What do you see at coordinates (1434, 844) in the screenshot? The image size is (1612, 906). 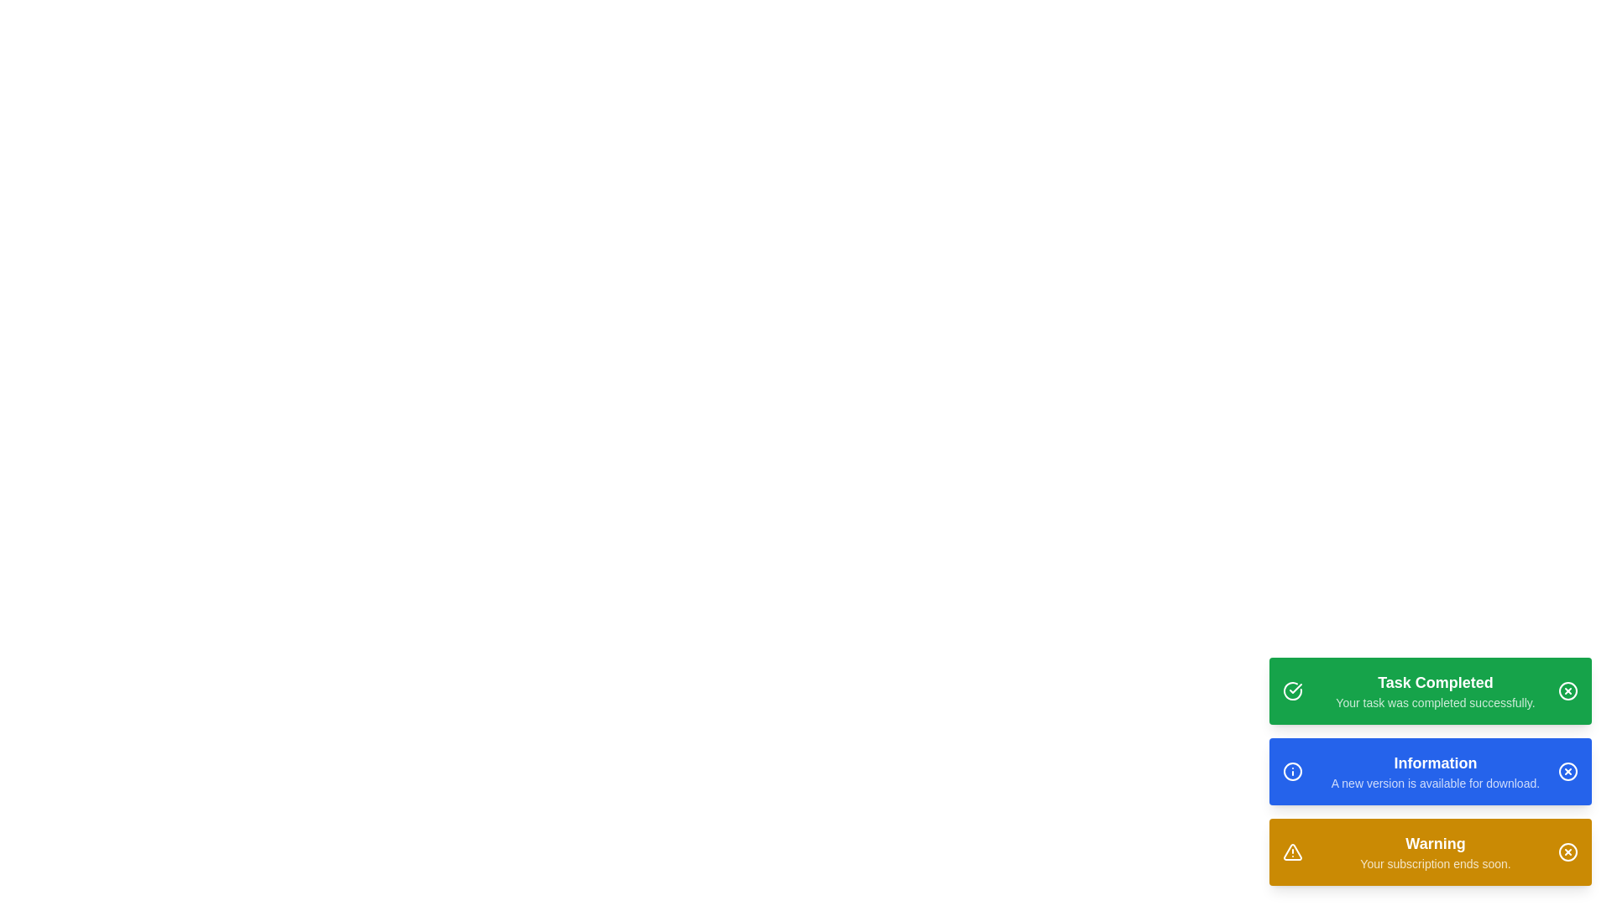 I see `the title text of the orange notification panel that conveys a warning message to the user, located at the bottom of the three notification panels on the right section of the interface` at bounding box center [1434, 844].